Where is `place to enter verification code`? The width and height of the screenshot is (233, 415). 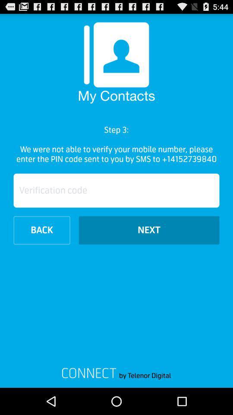 place to enter verification code is located at coordinates (116, 190).